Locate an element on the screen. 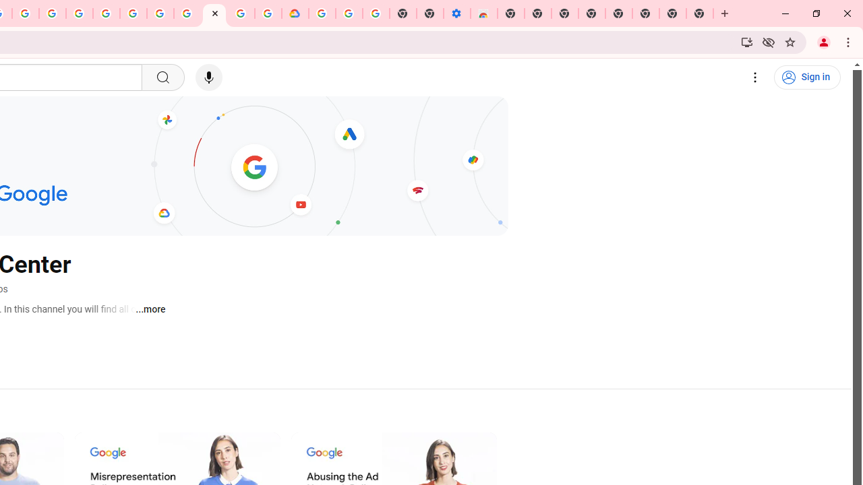  'New Tab' is located at coordinates (700, 13).